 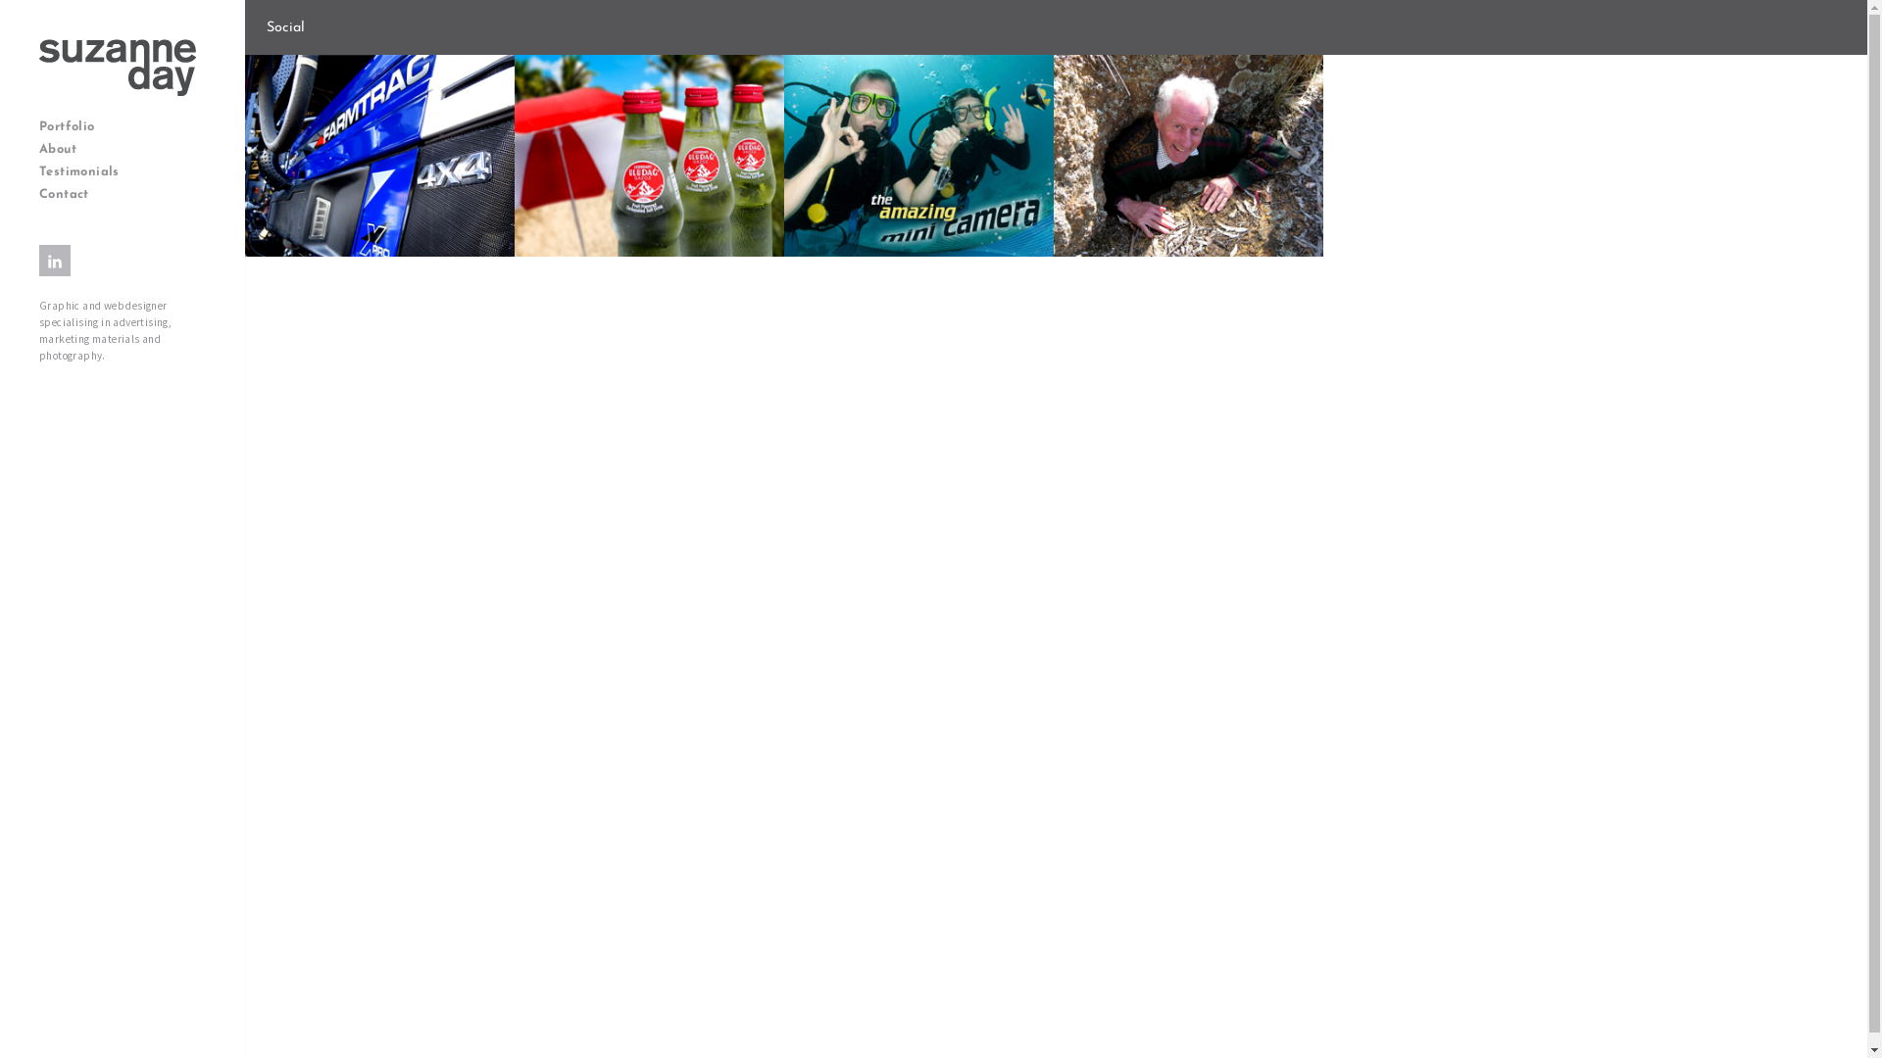 I want to click on 'Essendon Gem & Lapidary Club', so click(x=1053, y=154).